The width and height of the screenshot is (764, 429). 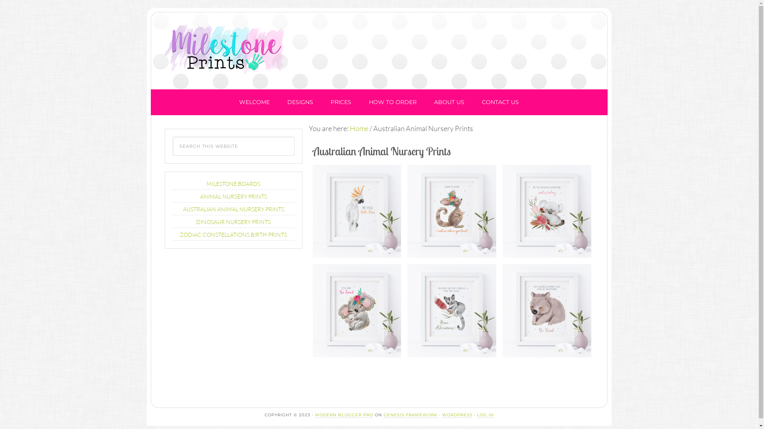 I want to click on 'Home', so click(x=349, y=128).